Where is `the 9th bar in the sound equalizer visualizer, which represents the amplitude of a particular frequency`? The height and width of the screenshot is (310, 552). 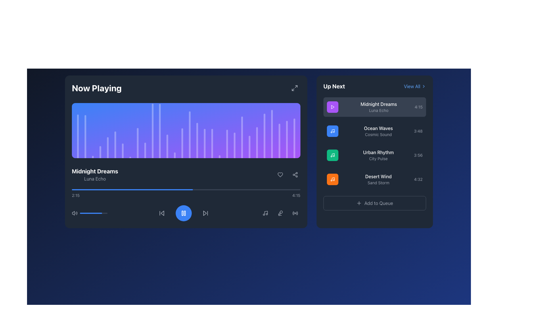
the 9th bar in the sound equalizer visualizer, which represents the amplitude of a particular frequency is located at coordinates (137, 143).